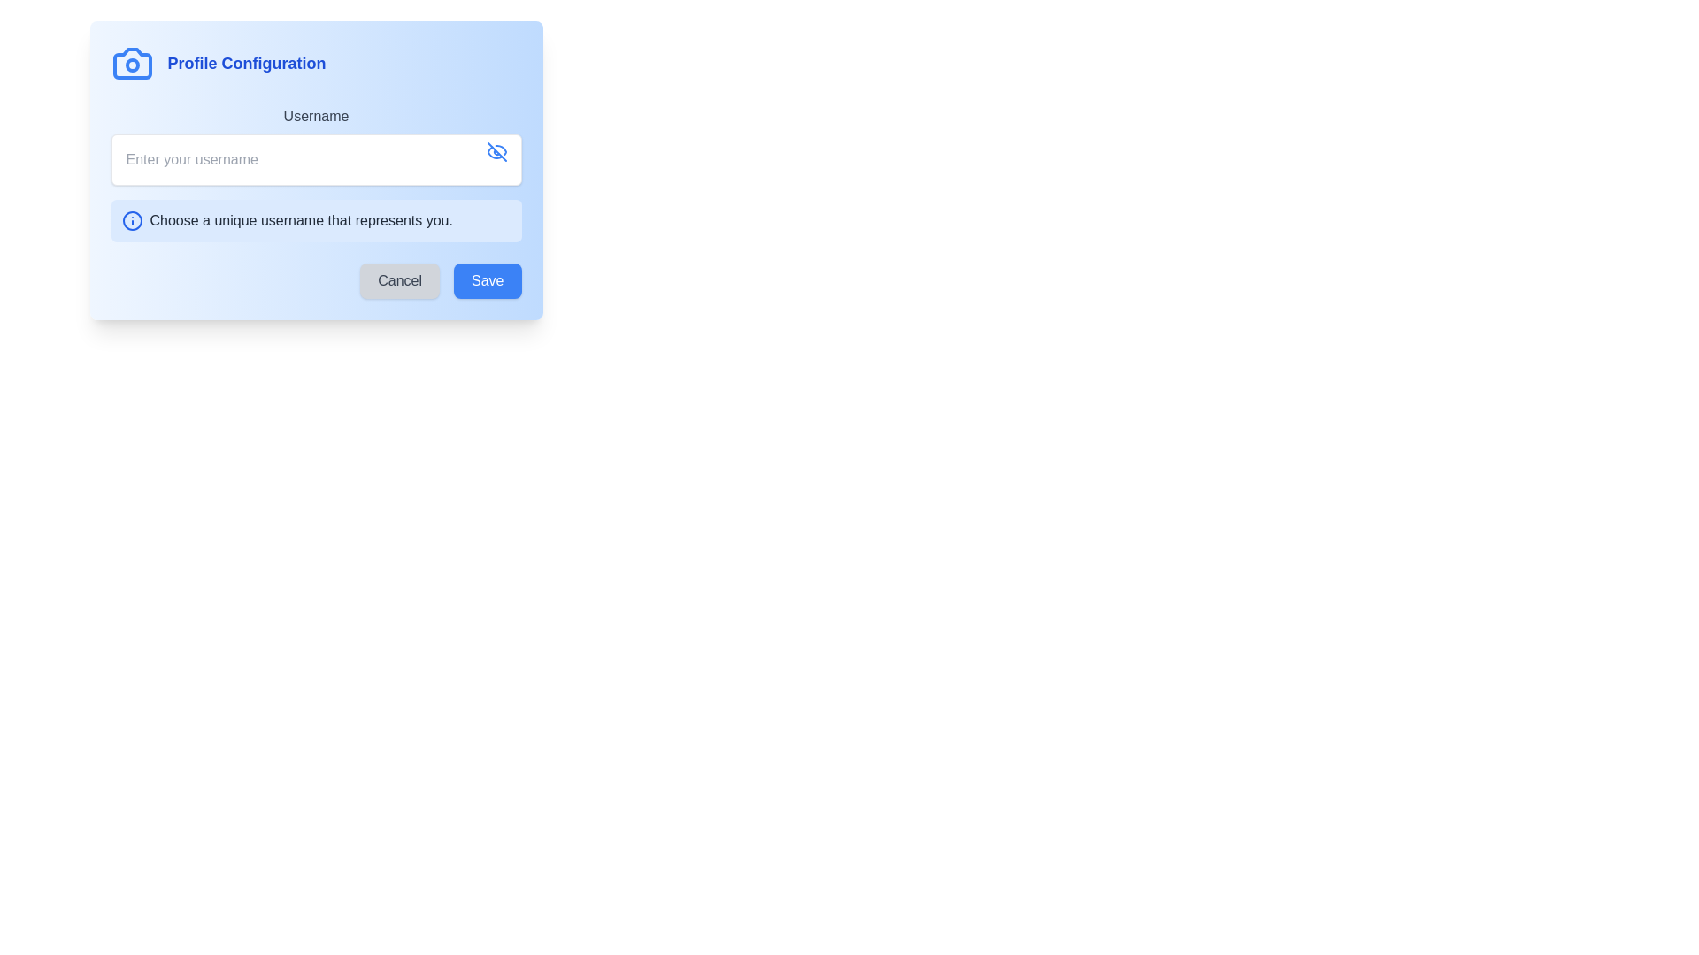 Image resolution: width=1699 pixels, height=955 pixels. Describe the element at coordinates (496, 151) in the screenshot. I see `the icon that toggles the visibility of the username input field` at that location.